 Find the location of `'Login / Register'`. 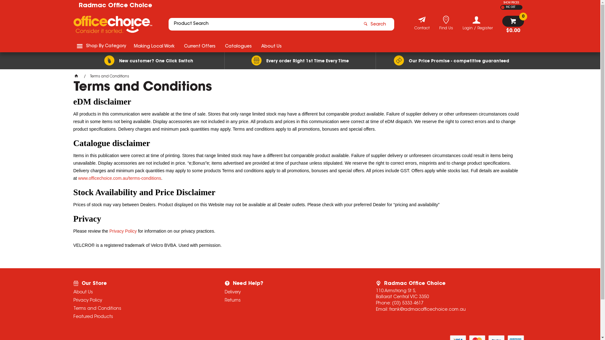

'Login / Register' is located at coordinates (478, 23).